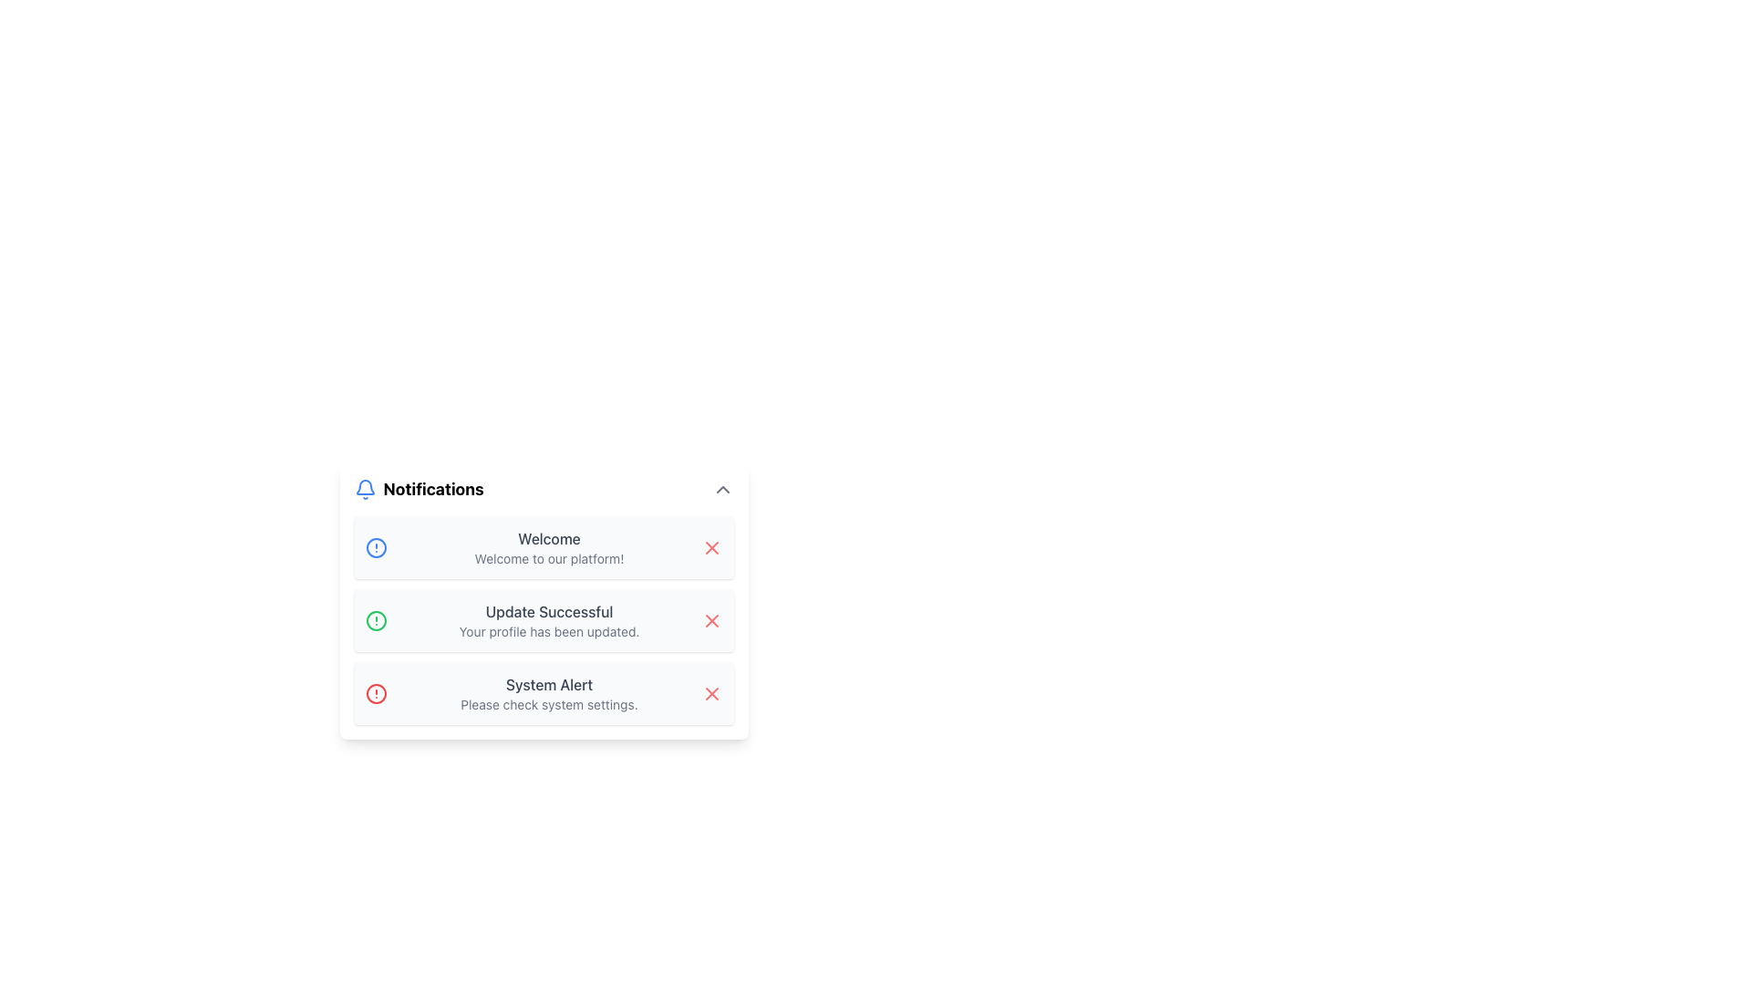 The image size is (1751, 985). What do you see at coordinates (548, 685) in the screenshot?
I see `the 'System Alert' text element, which is styled with a medium-weight font in dark gray and appears as the first line of a notification message on a white background` at bounding box center [548, 685].